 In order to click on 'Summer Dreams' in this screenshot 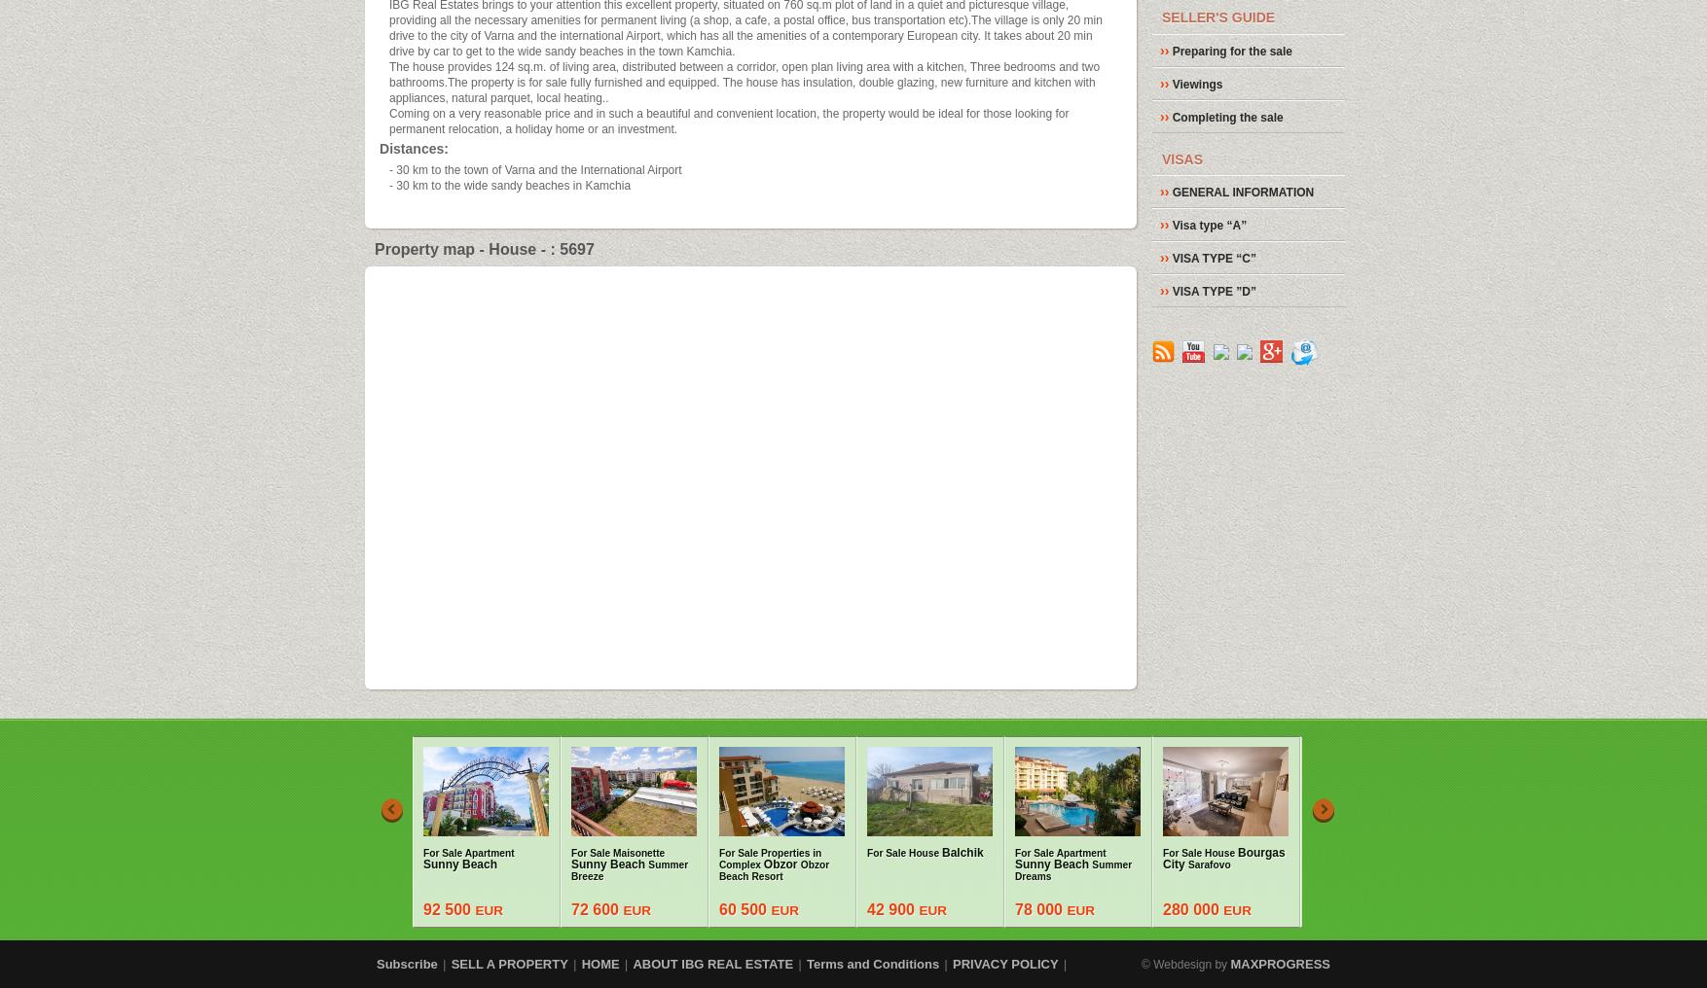, I will do `click(1072, 869)`.